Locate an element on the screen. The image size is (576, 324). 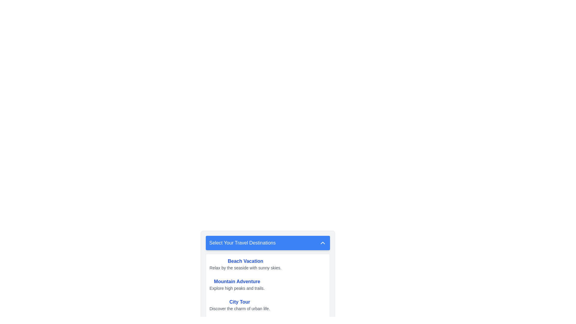
the first text block in the vertically aligned menu labeled 'Select Your Travel Destinations' that provides destination information is located at coordinates (245, 264).